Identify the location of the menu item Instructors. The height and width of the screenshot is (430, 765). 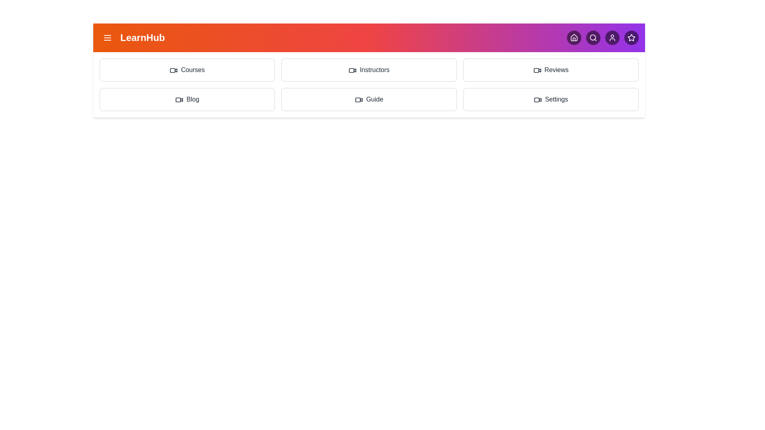
(369, 70).